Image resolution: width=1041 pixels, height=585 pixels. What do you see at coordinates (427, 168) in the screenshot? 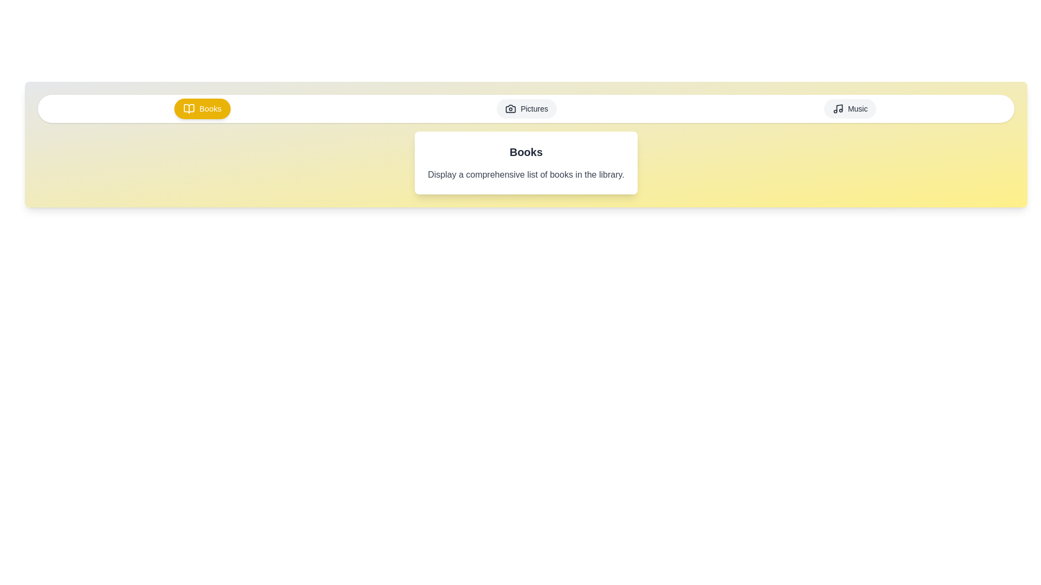
I see `the text content displayed in the active tab` at bounding box center [427, 168].